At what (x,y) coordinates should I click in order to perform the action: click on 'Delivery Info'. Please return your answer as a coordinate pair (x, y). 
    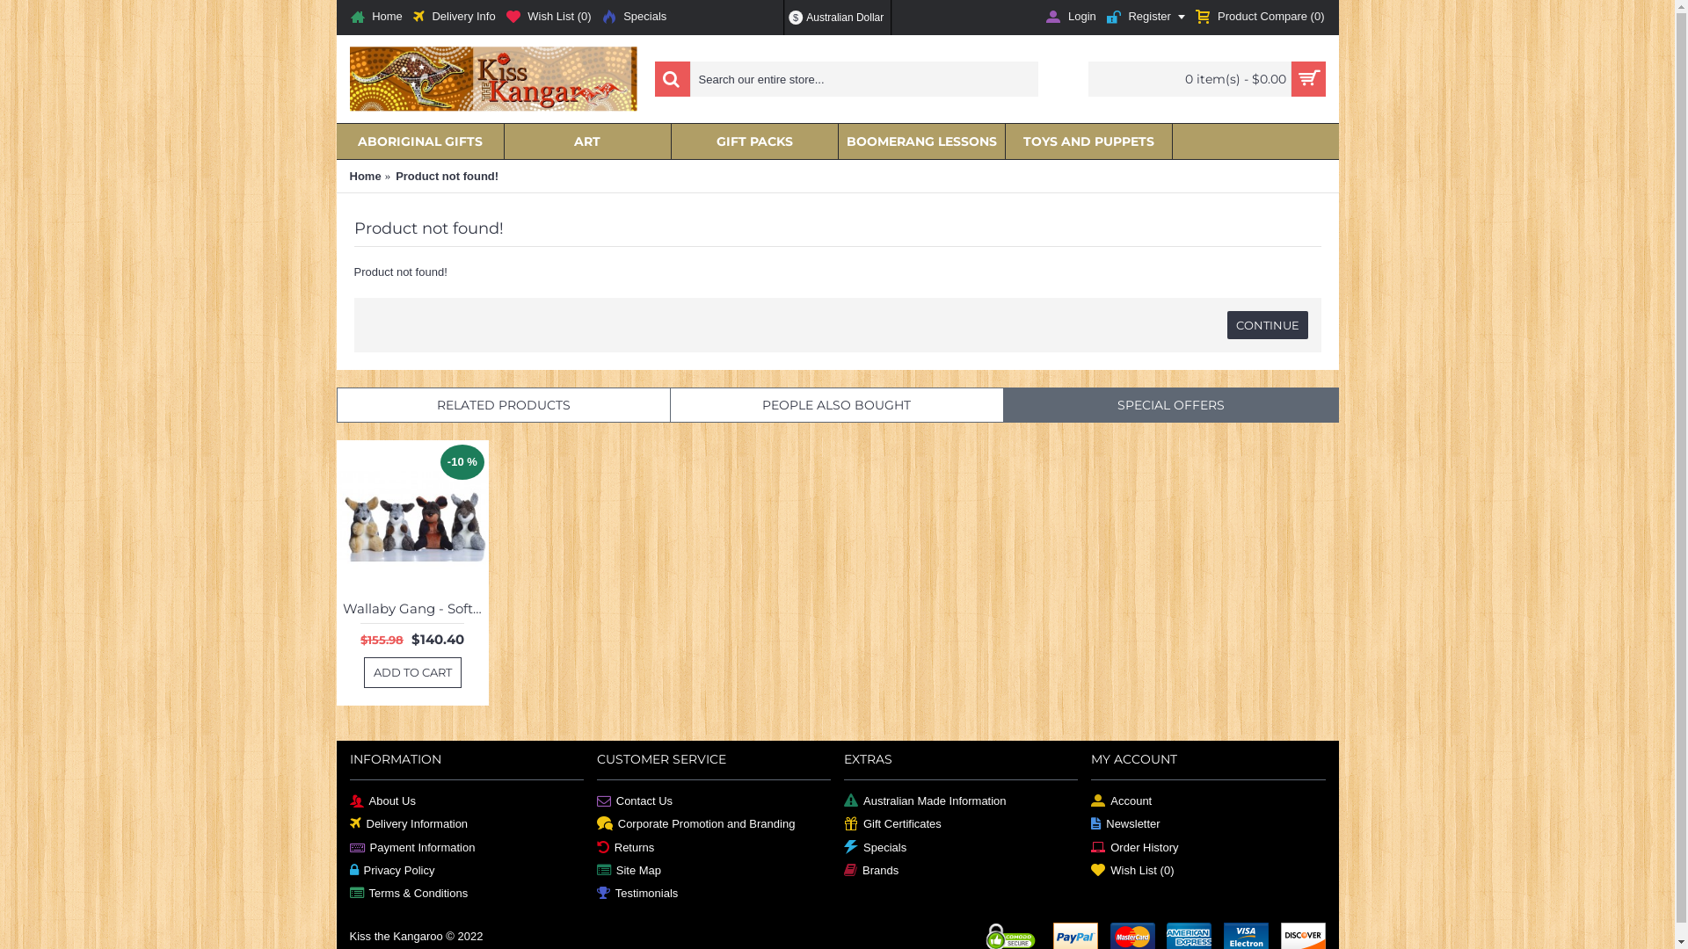
    Looking at the image, I should click on (455, 17).